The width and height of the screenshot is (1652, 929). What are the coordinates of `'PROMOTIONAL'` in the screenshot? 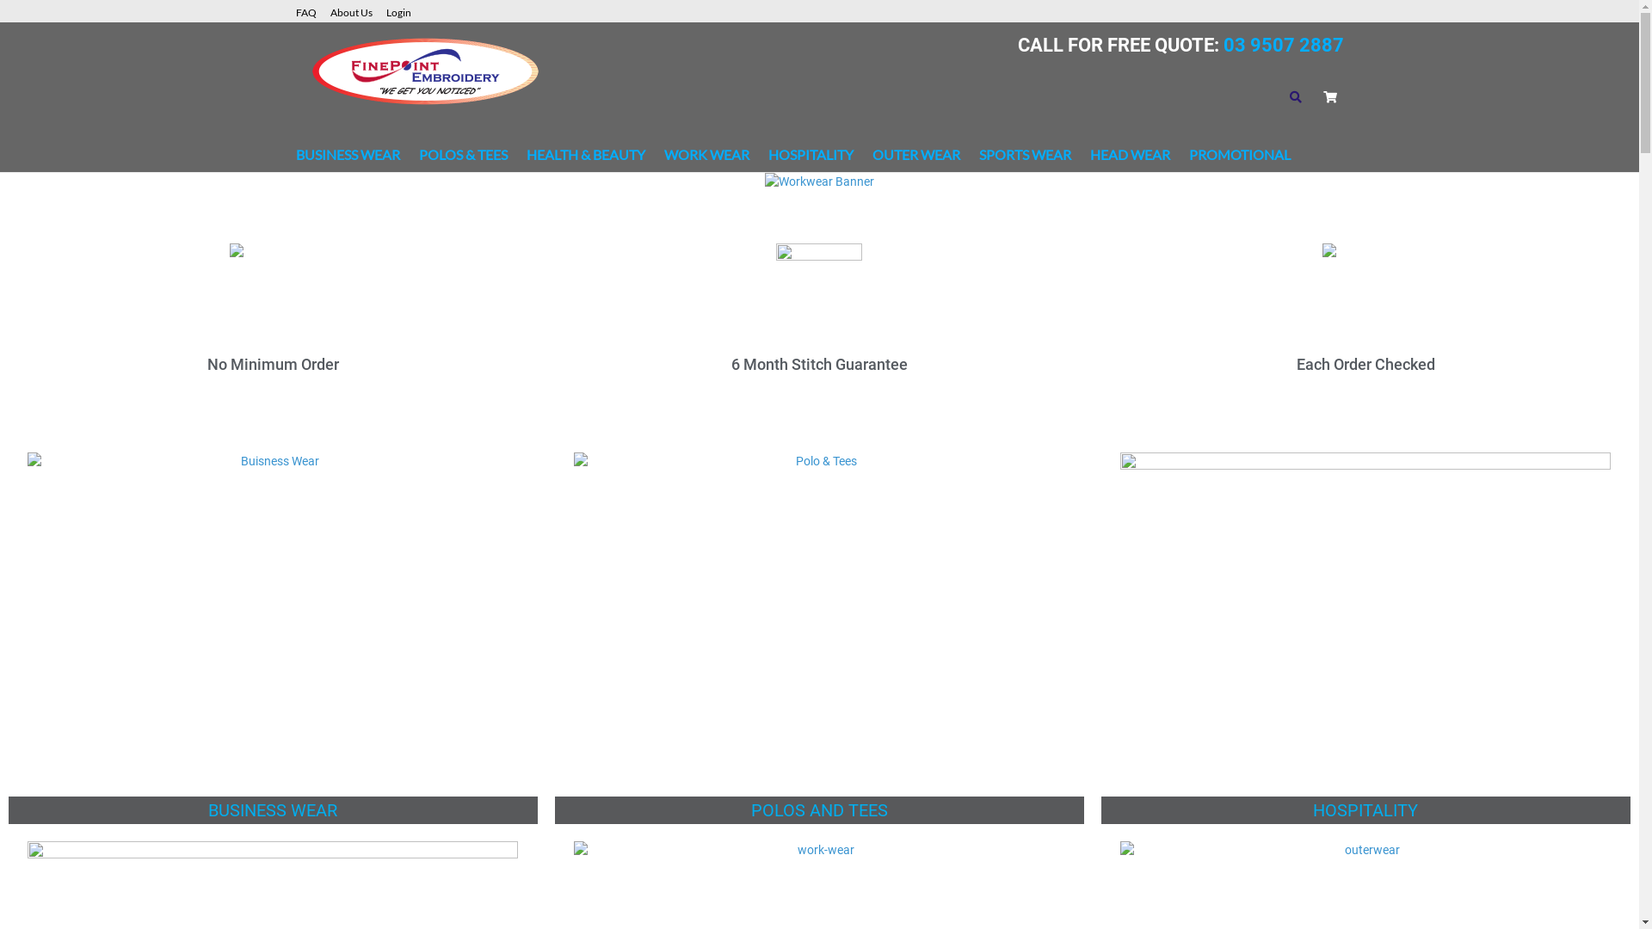 It's located at (1188, 155).